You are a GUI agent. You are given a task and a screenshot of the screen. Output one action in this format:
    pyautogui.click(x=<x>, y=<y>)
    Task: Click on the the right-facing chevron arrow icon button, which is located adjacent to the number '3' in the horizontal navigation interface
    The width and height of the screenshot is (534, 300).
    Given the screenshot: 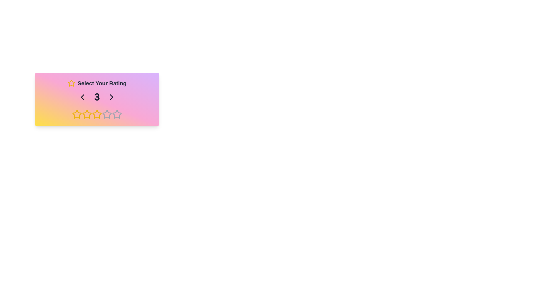 What is the action you would take?
    pyautogui.click(x=111, y=97)
    